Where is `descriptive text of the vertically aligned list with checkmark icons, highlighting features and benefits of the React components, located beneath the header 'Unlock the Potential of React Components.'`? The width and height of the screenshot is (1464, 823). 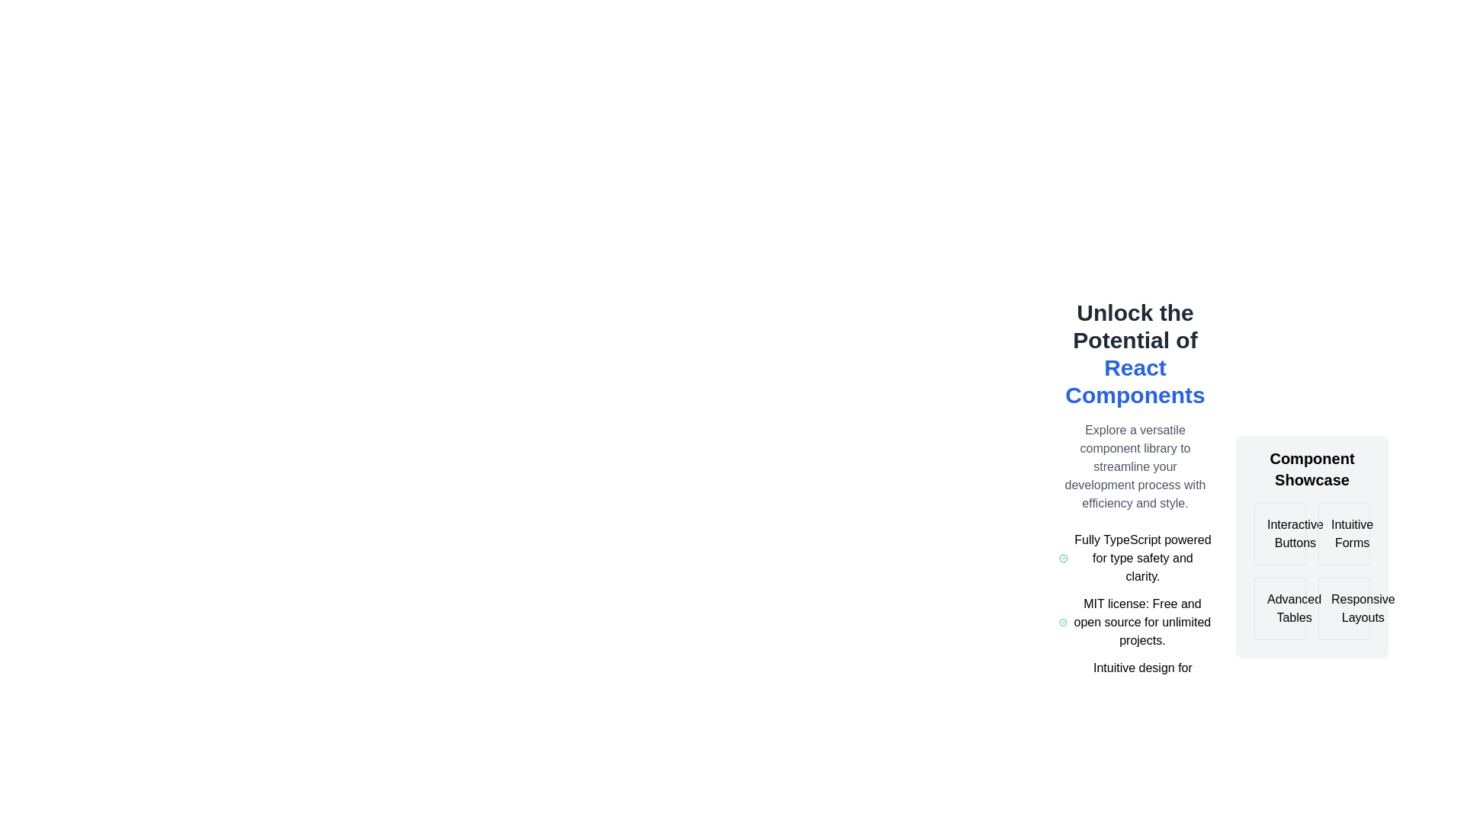 descriptive text of the vertically aligned list with checkmark icons, highlighting features and benefits of the React components, located beneath the header 'Unlock the Potential of React Components.' is located at coordinates (1135, 623).